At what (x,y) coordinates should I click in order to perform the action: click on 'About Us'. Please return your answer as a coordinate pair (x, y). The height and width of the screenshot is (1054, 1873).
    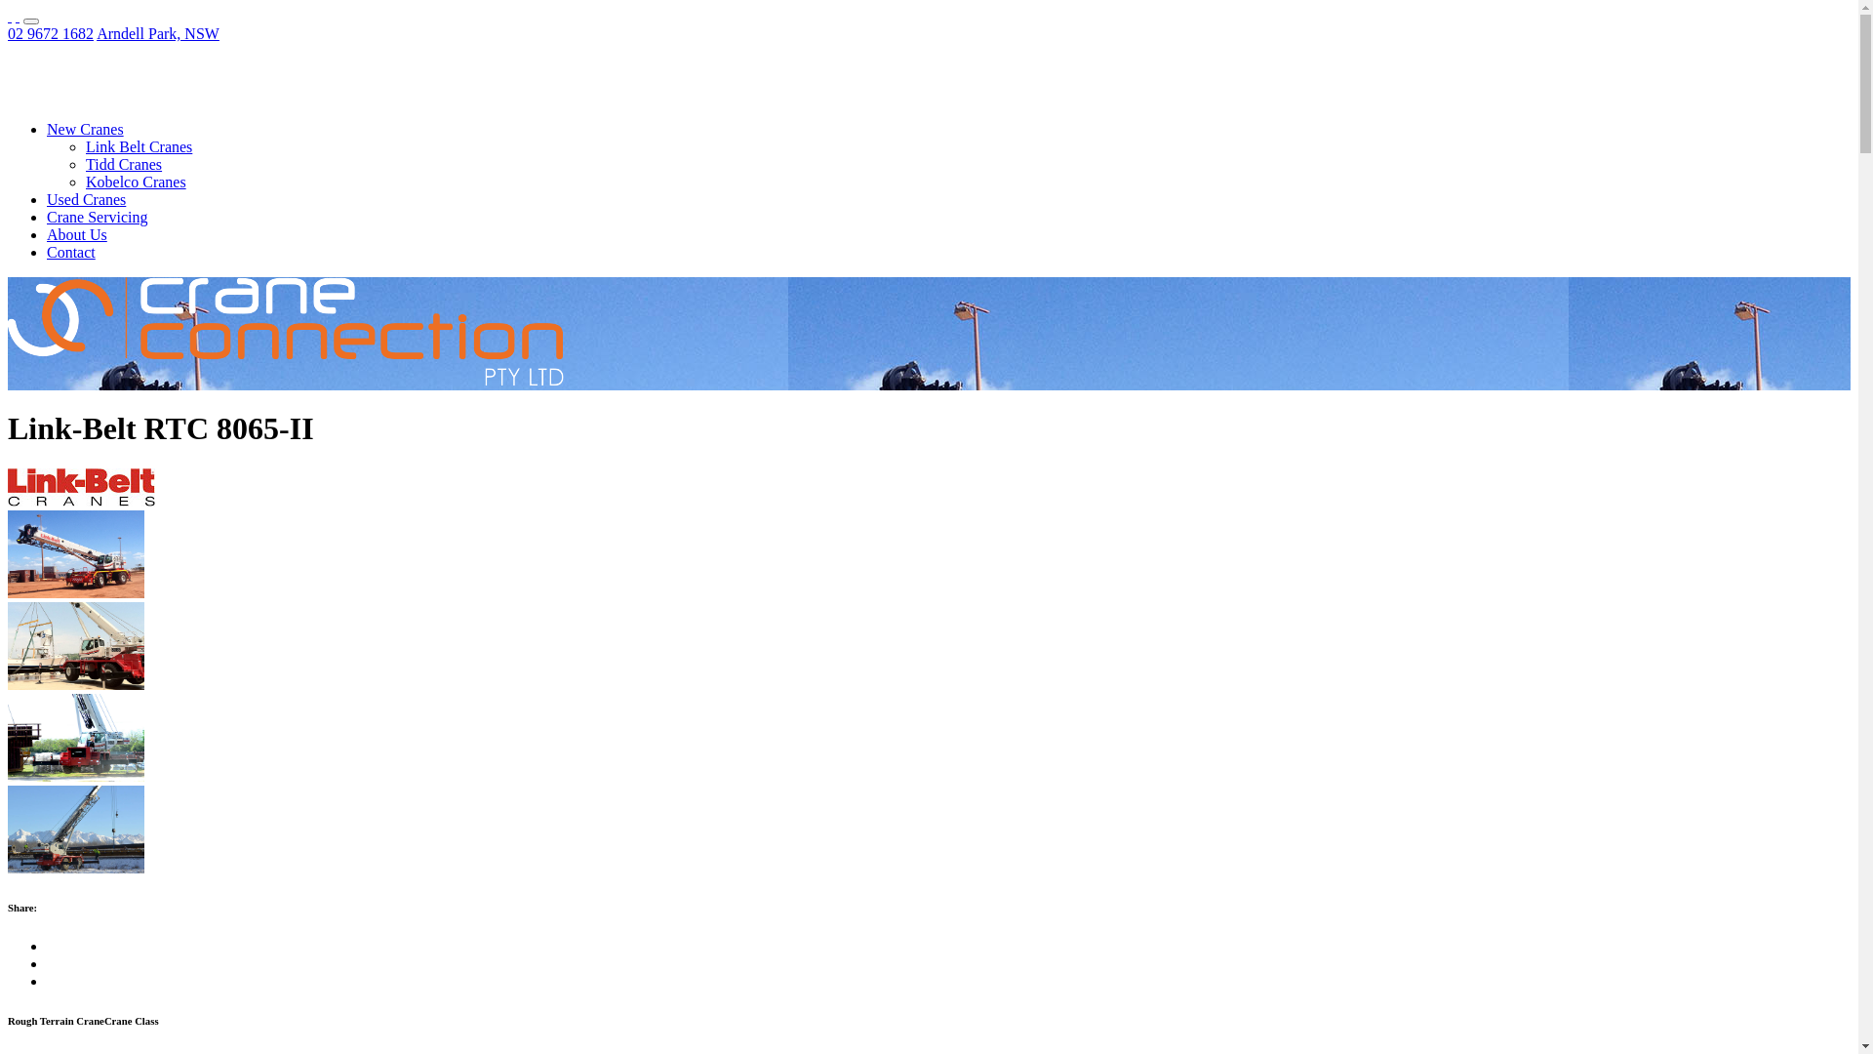
    Looking at the image, I should click on (76, 233).